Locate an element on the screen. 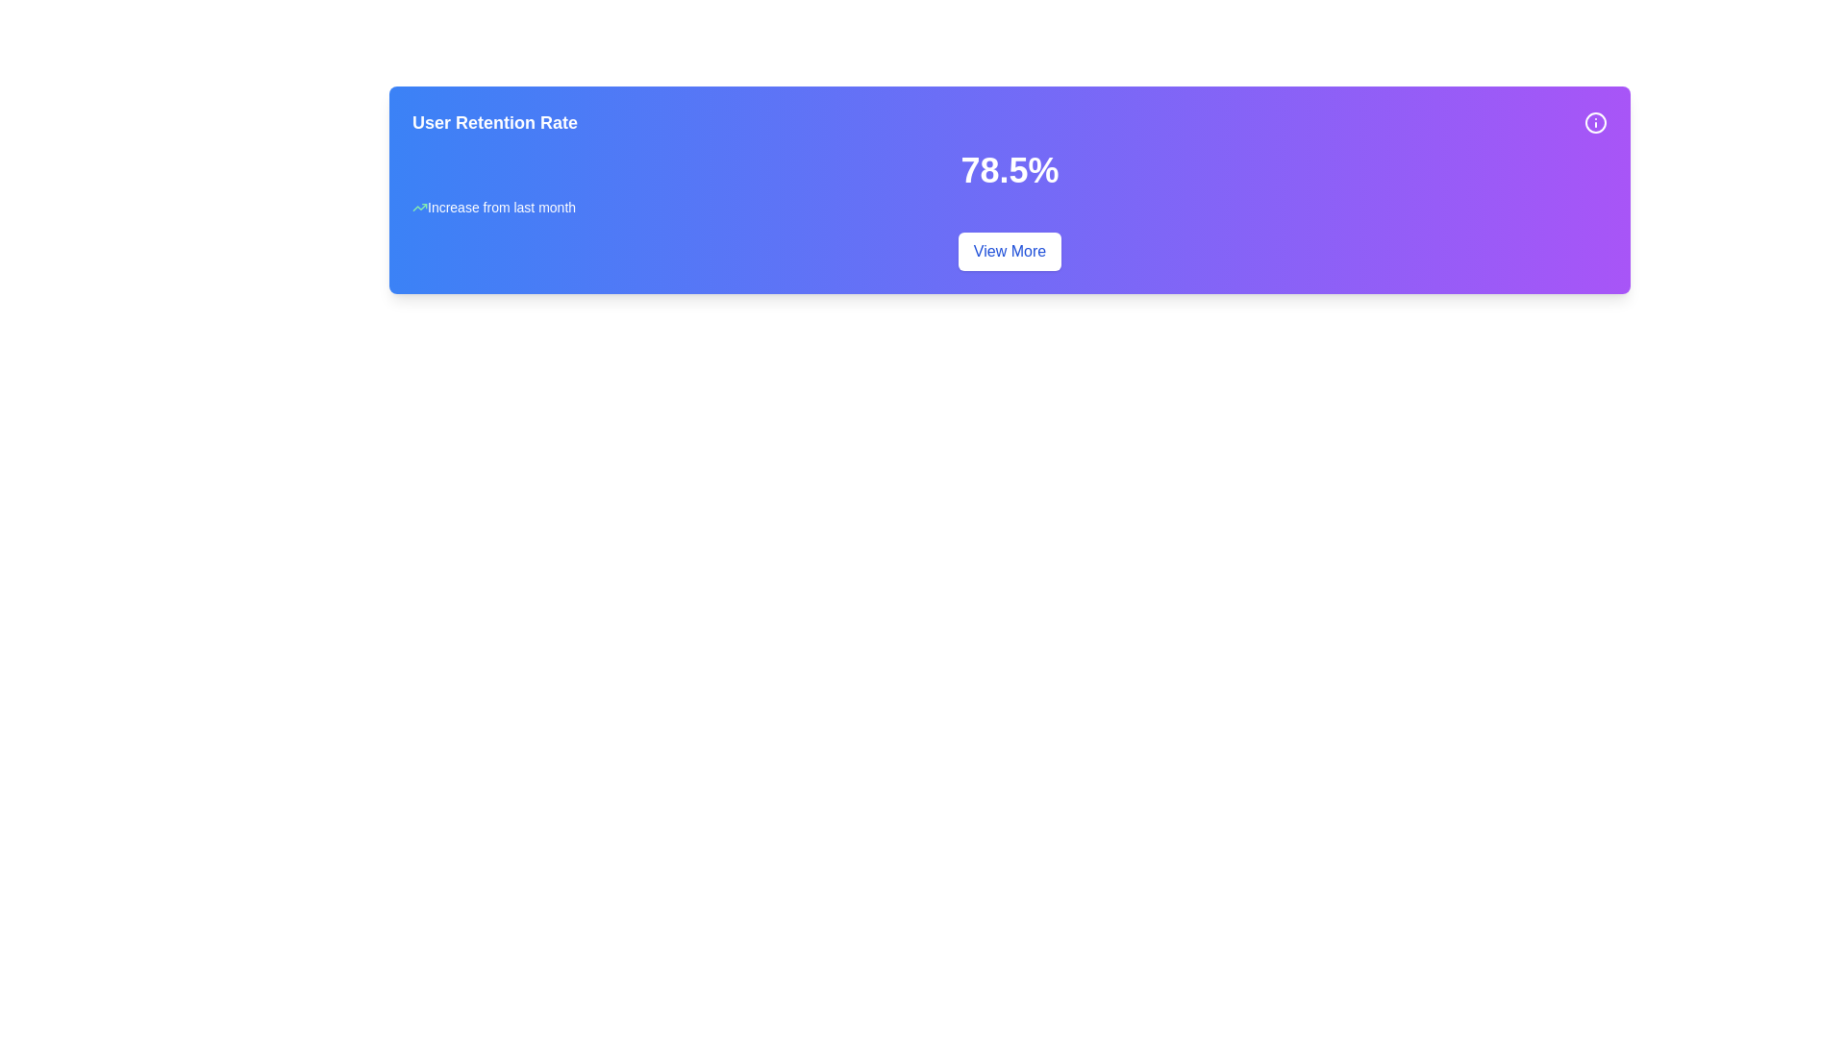  the circular icon located in the upper right corner of the gradient rectangular section is located at coordinates (1596, 122).